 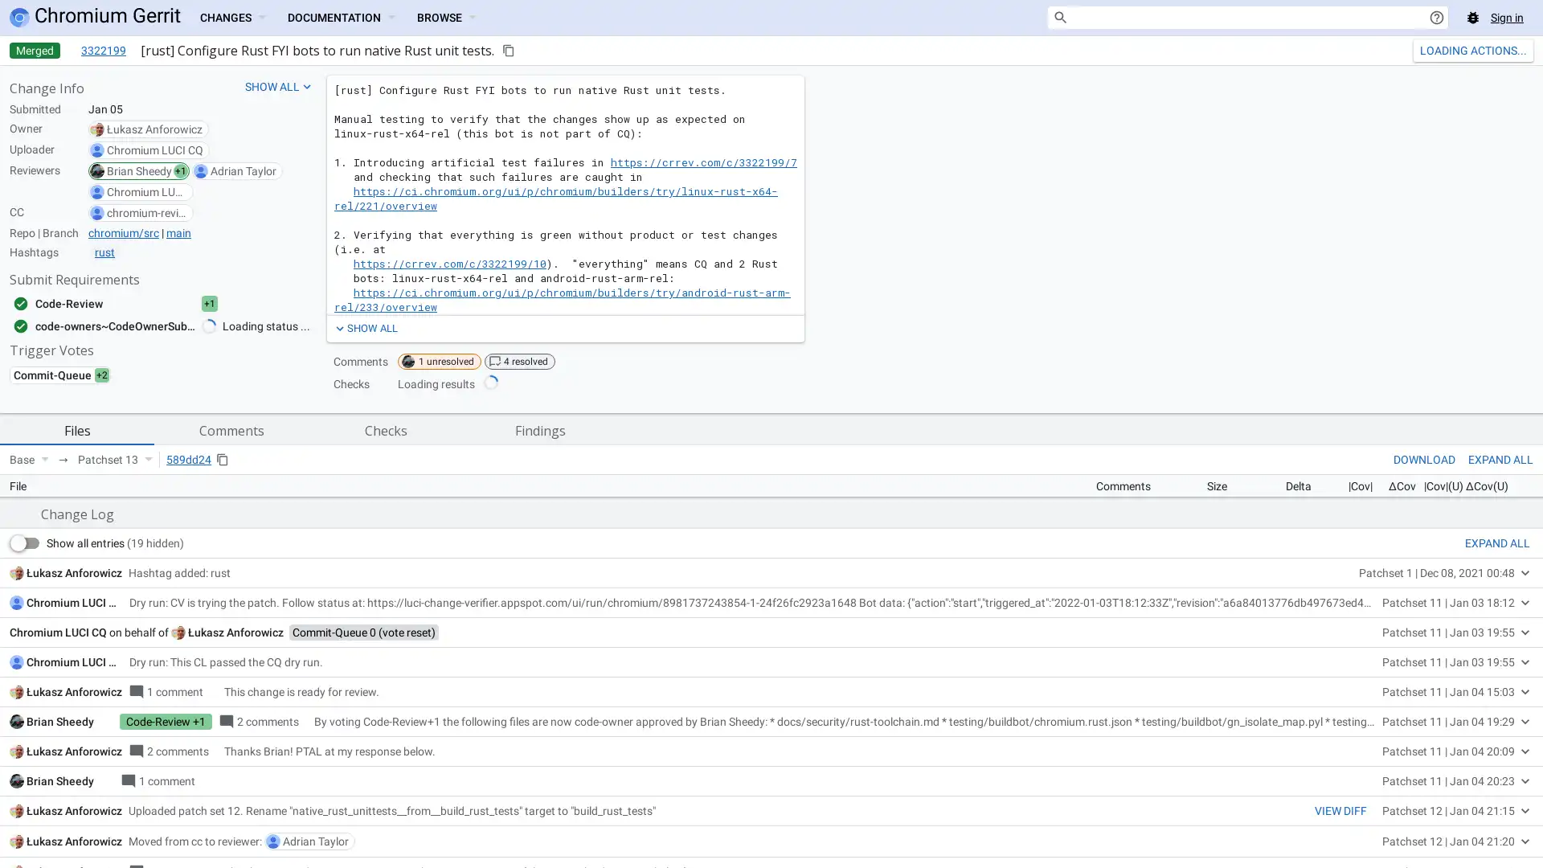 What do you see at coordinates (1496, 764) in the screenshot?
I see `EXPAND ALL` at bounding box center [1496, 764].